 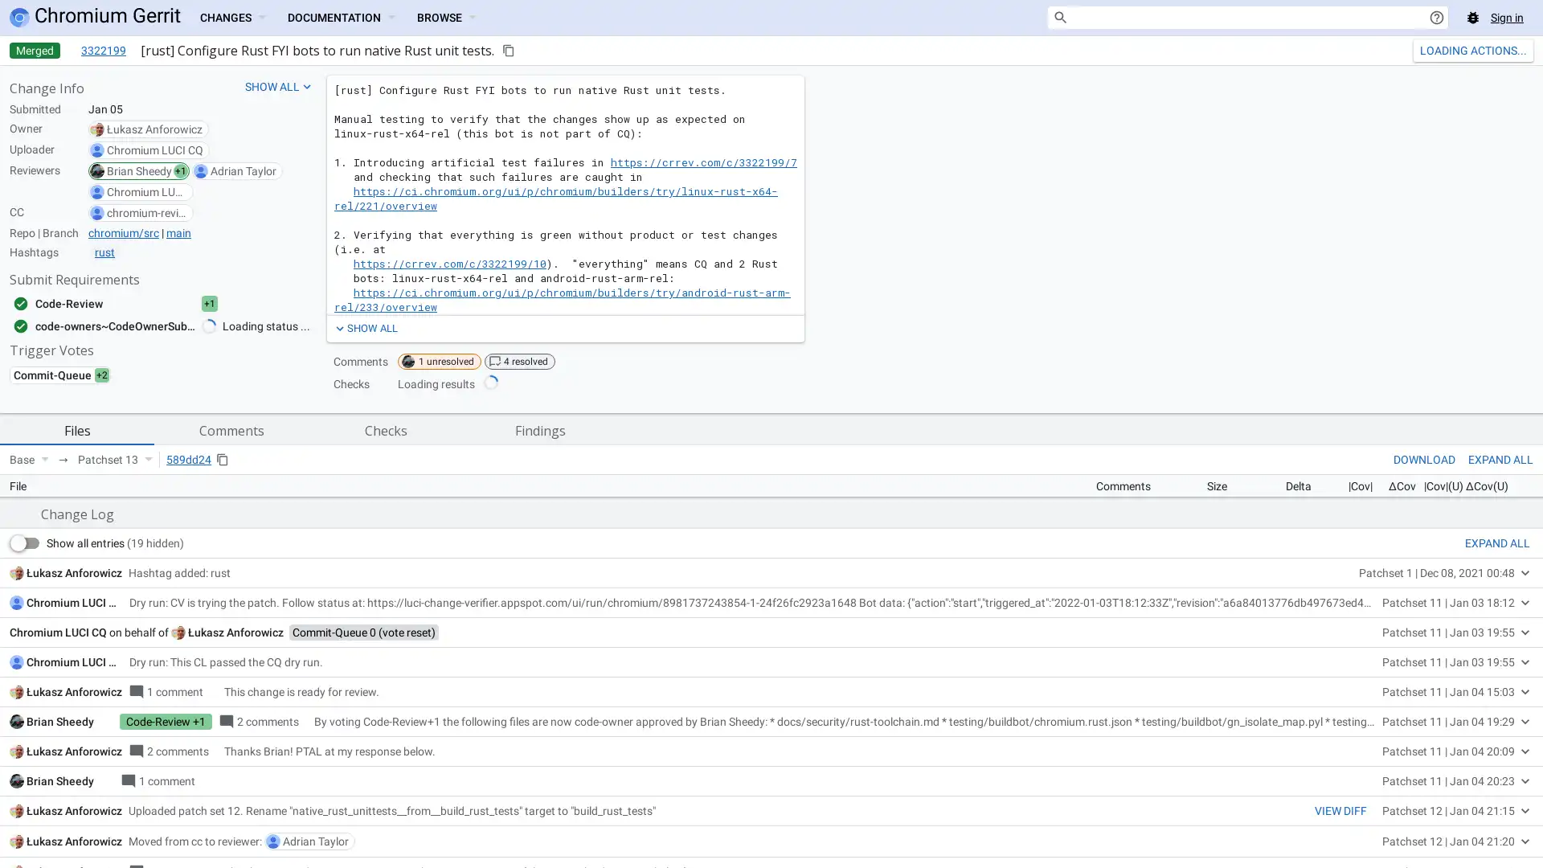 What do you see at coordinates (1496, 764) in the screenshot?
I see `EXPAND ALL` at bounding box center [1496, 764].